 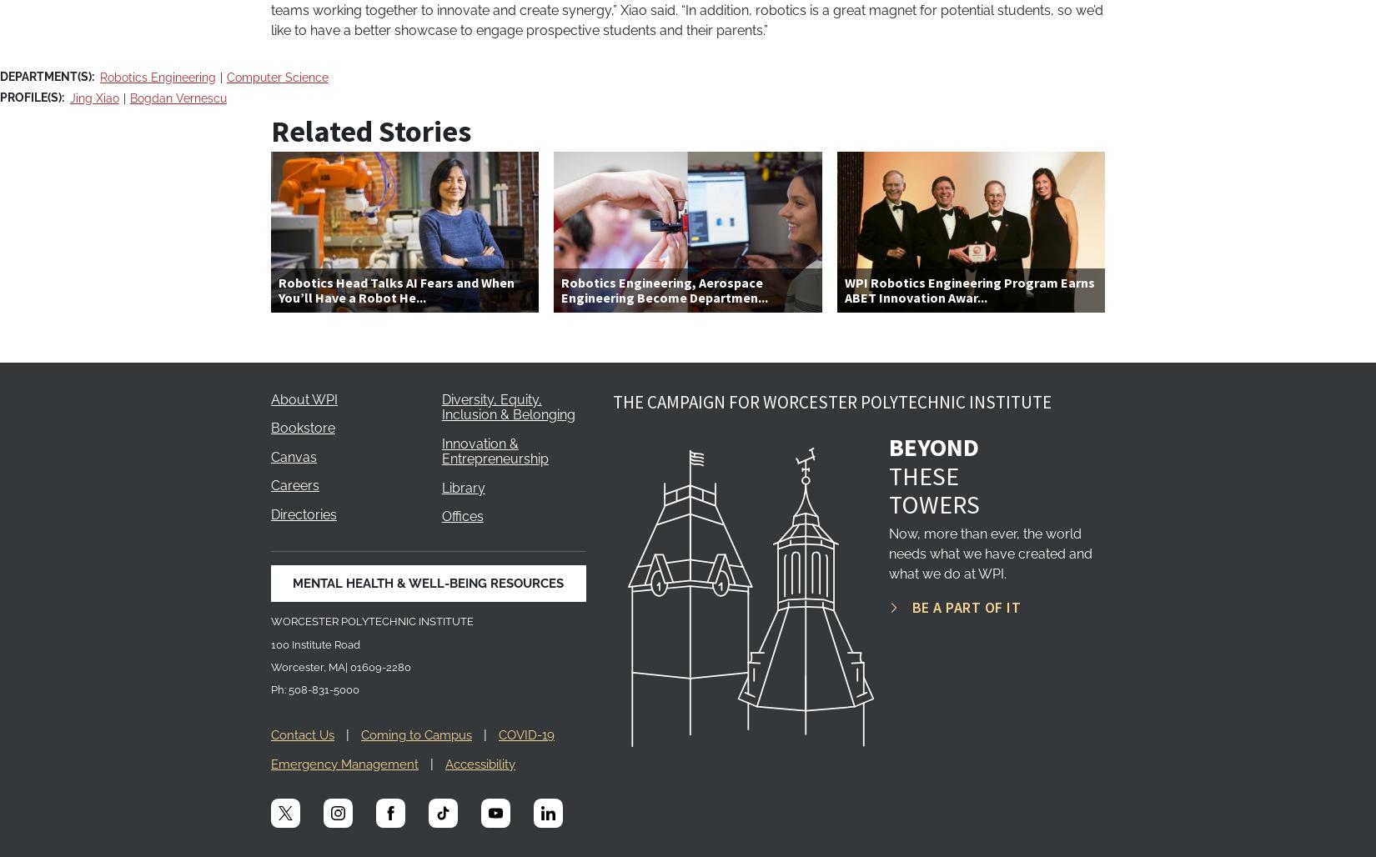 What do you see at coordinates (315, 644) in the screenshot?
I see `'100 Institute Road'` at bounding box center [315, 644].